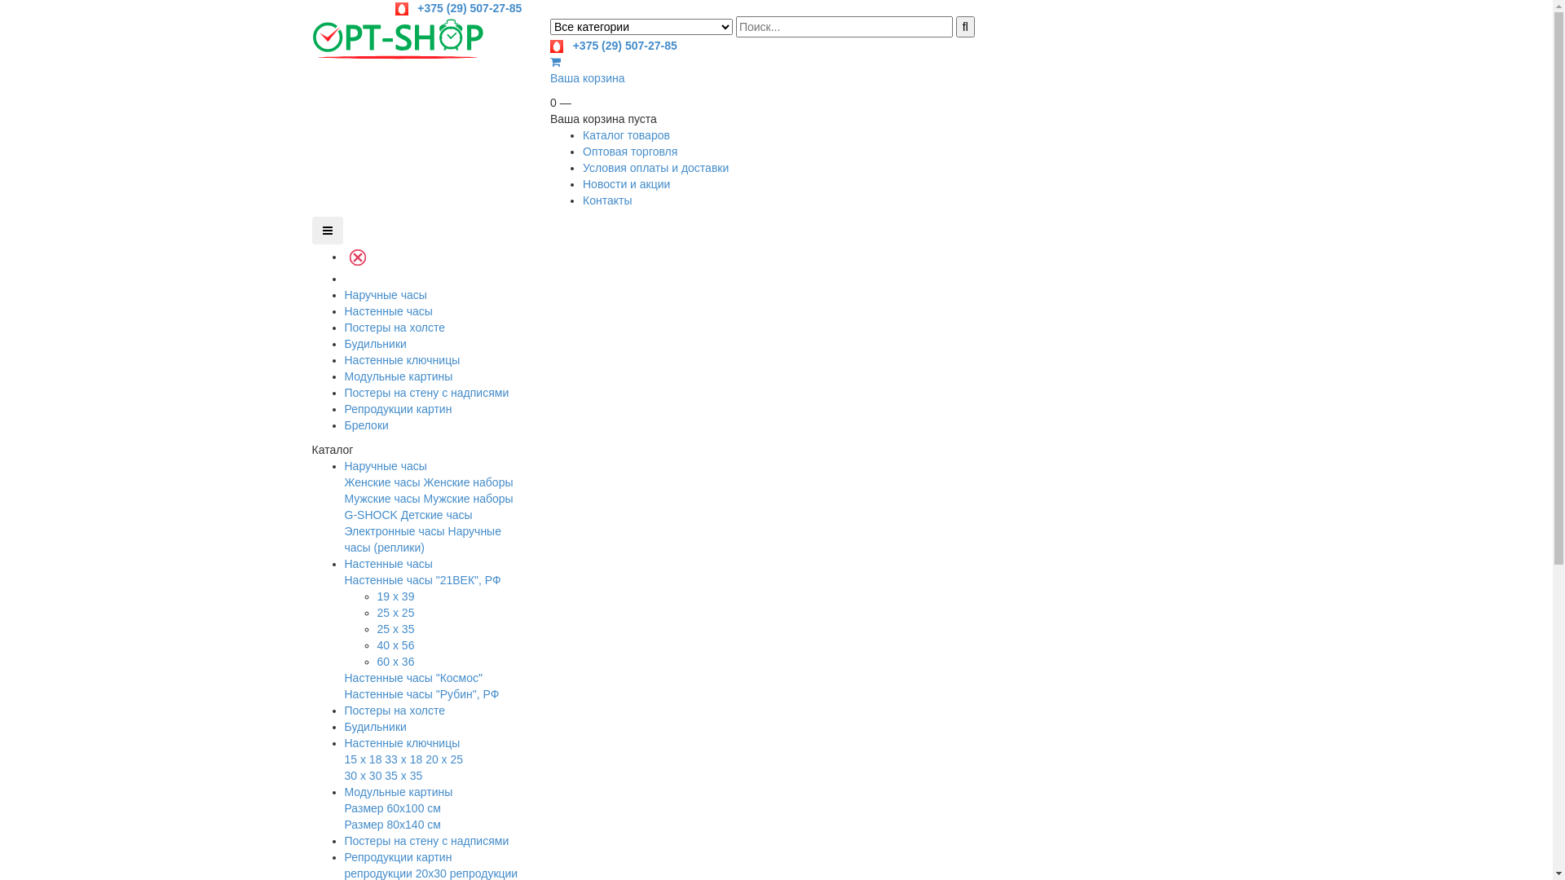 The image size is (1565, 880). What do you see at coordinates (375, 613) in the screenshot?
I see `'25 x 25'` at bounding box center [375, 613].